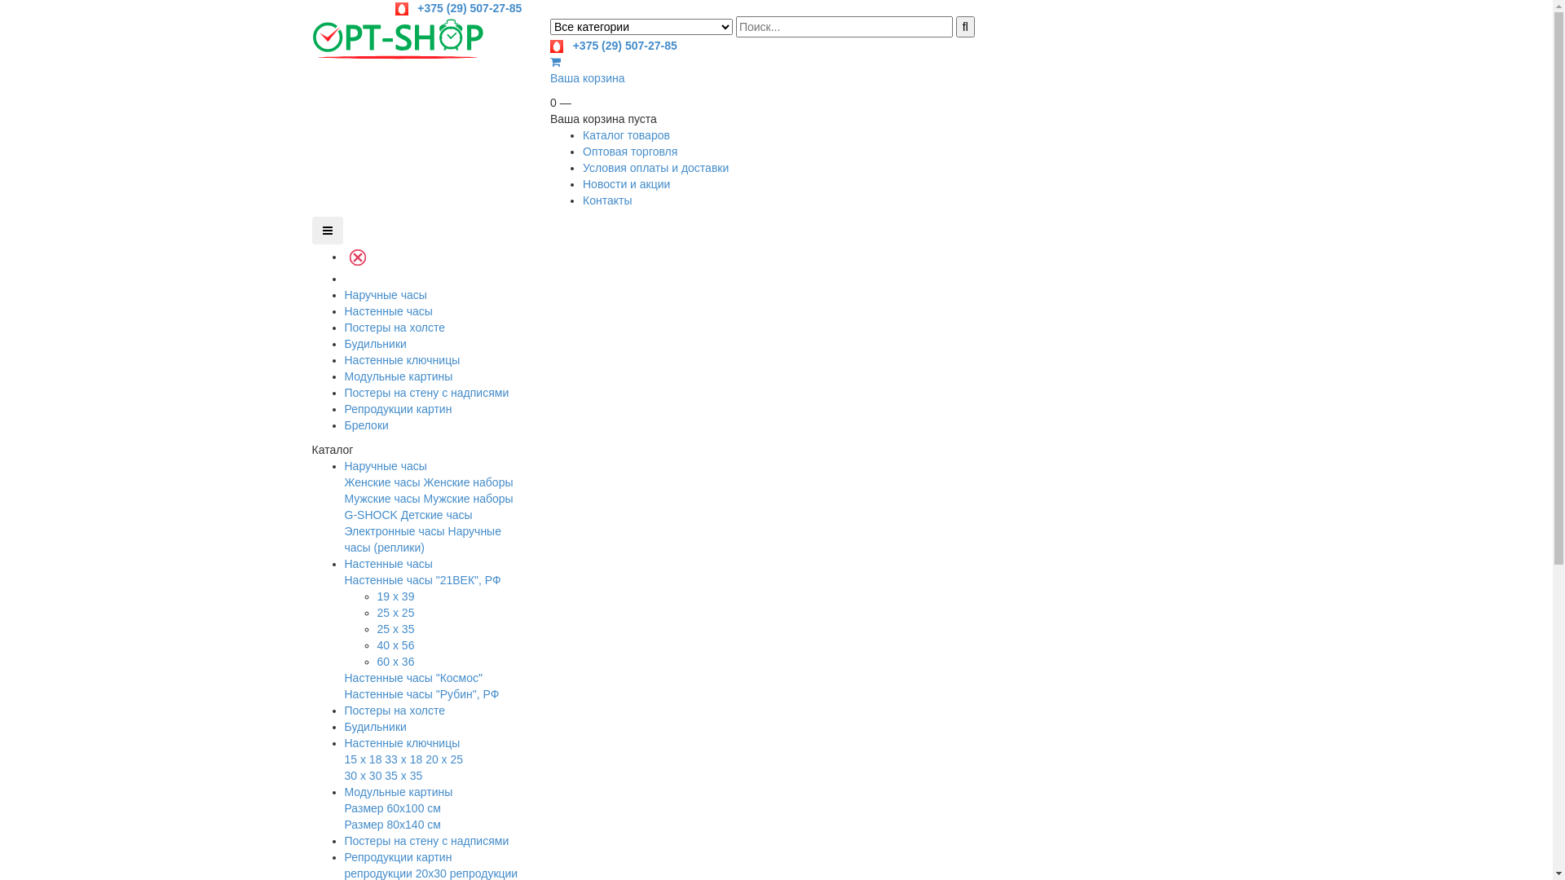 The image size is (1565, 880). What do you see at coordinates (375, 613) in the screenshot?
I see `'25 x 25'` at bounding box center [375, 613].